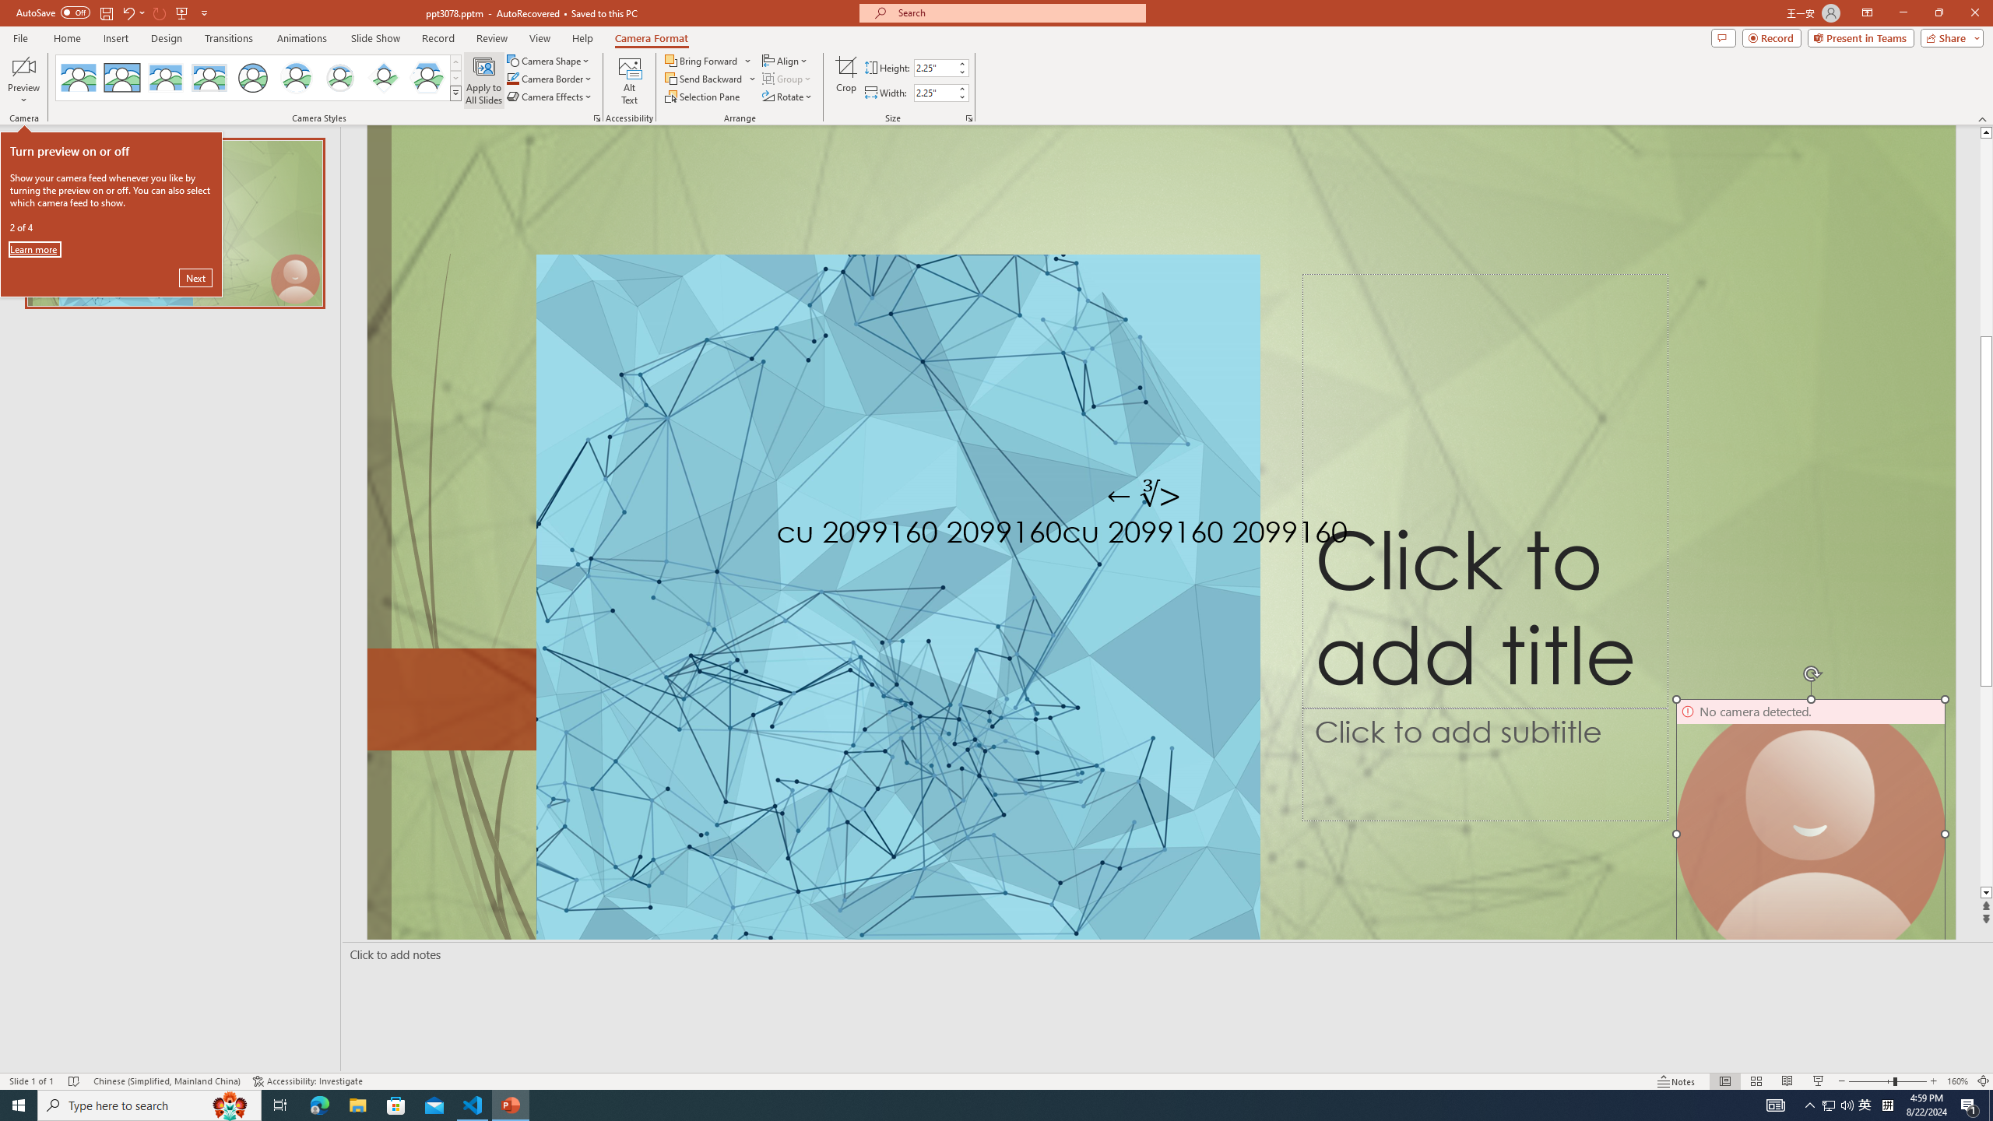 This screenshot has height=1121, width=1993. What do you see at coordinates (968, 117) in the screenshot?
I see `'Size and Position...'` at bounding box center [968, 117].